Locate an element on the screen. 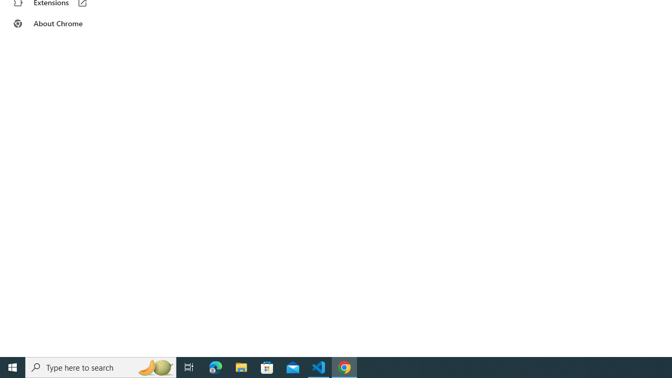 This screenshot has width=672, height=378. 'About Chrome' is located at coordinates (65, 24).